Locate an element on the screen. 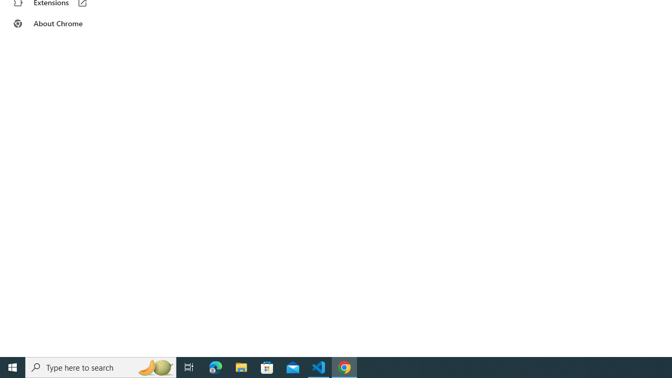 This screenshot has width=672, height=378. 'About Chrome' is located at coordinates (65, 24).